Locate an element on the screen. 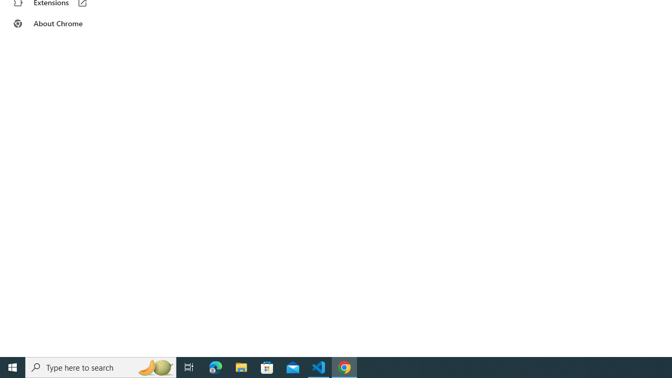 This screenshot has width=672, height=378. 'About Chrome' is located at coordinates (65, 24).